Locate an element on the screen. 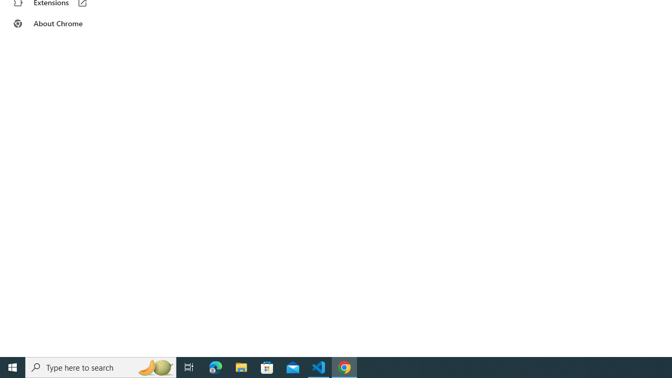 This screenshot has width=672, height=378. 'About Chrome' is located at coordinates (65, 24).